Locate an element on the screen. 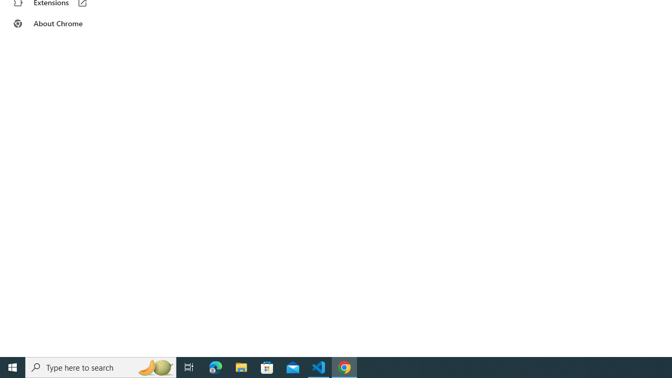 This screenshot has width=672, height=378. 'About Chrome' is located at coordinates (65, 24).